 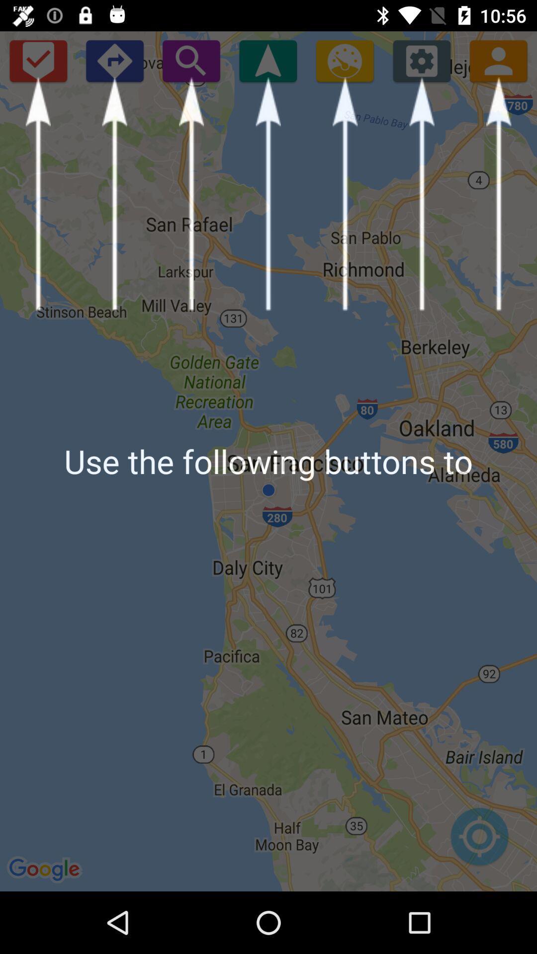 I want to click on the settings icon, so click(x=344, y=60).